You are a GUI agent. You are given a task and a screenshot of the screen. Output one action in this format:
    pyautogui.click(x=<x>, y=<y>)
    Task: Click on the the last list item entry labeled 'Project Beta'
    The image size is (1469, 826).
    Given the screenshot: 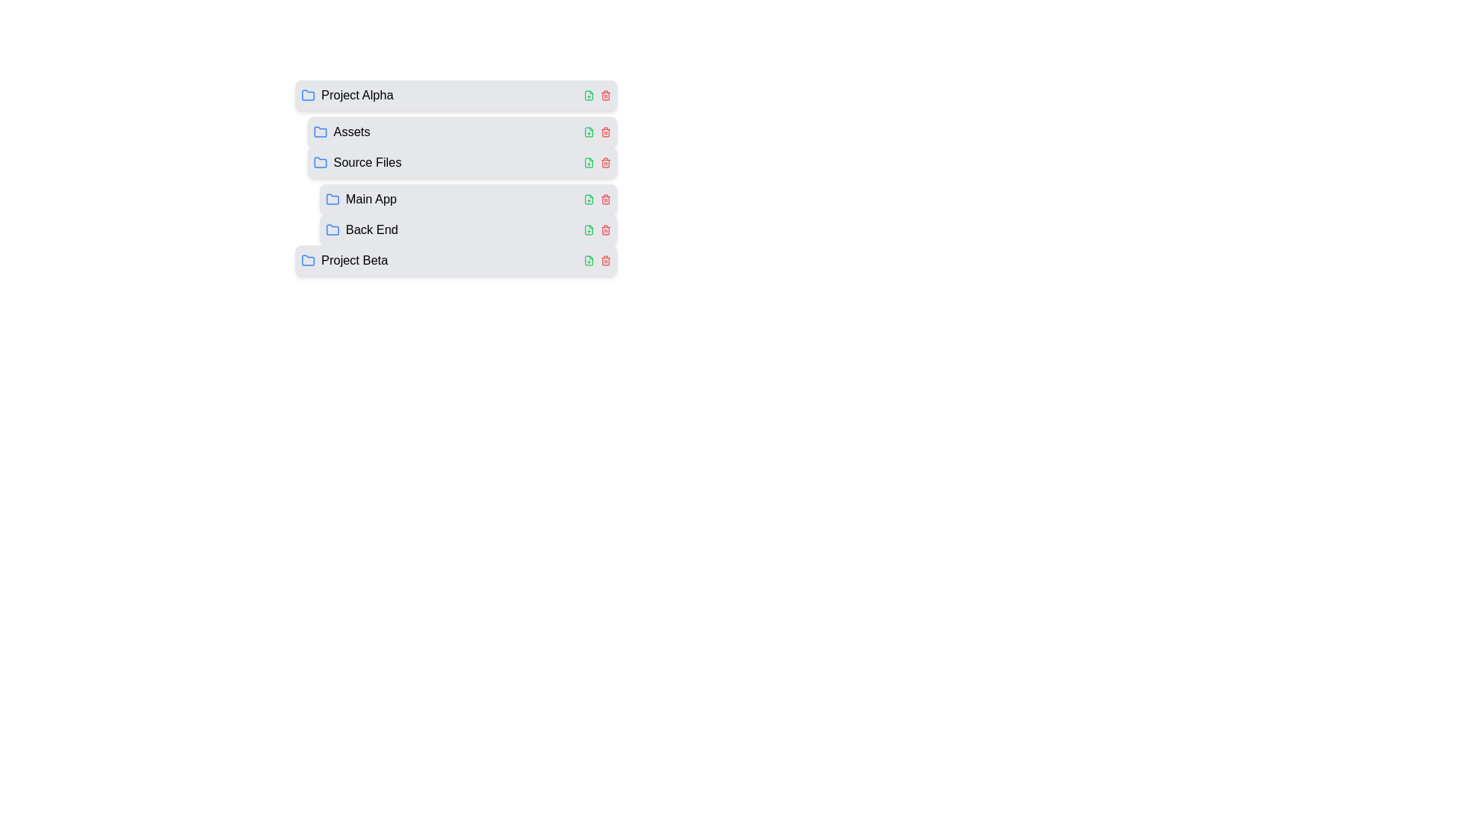 What is the action you would take?
    pyautogui.click(x=344, y=259)
    